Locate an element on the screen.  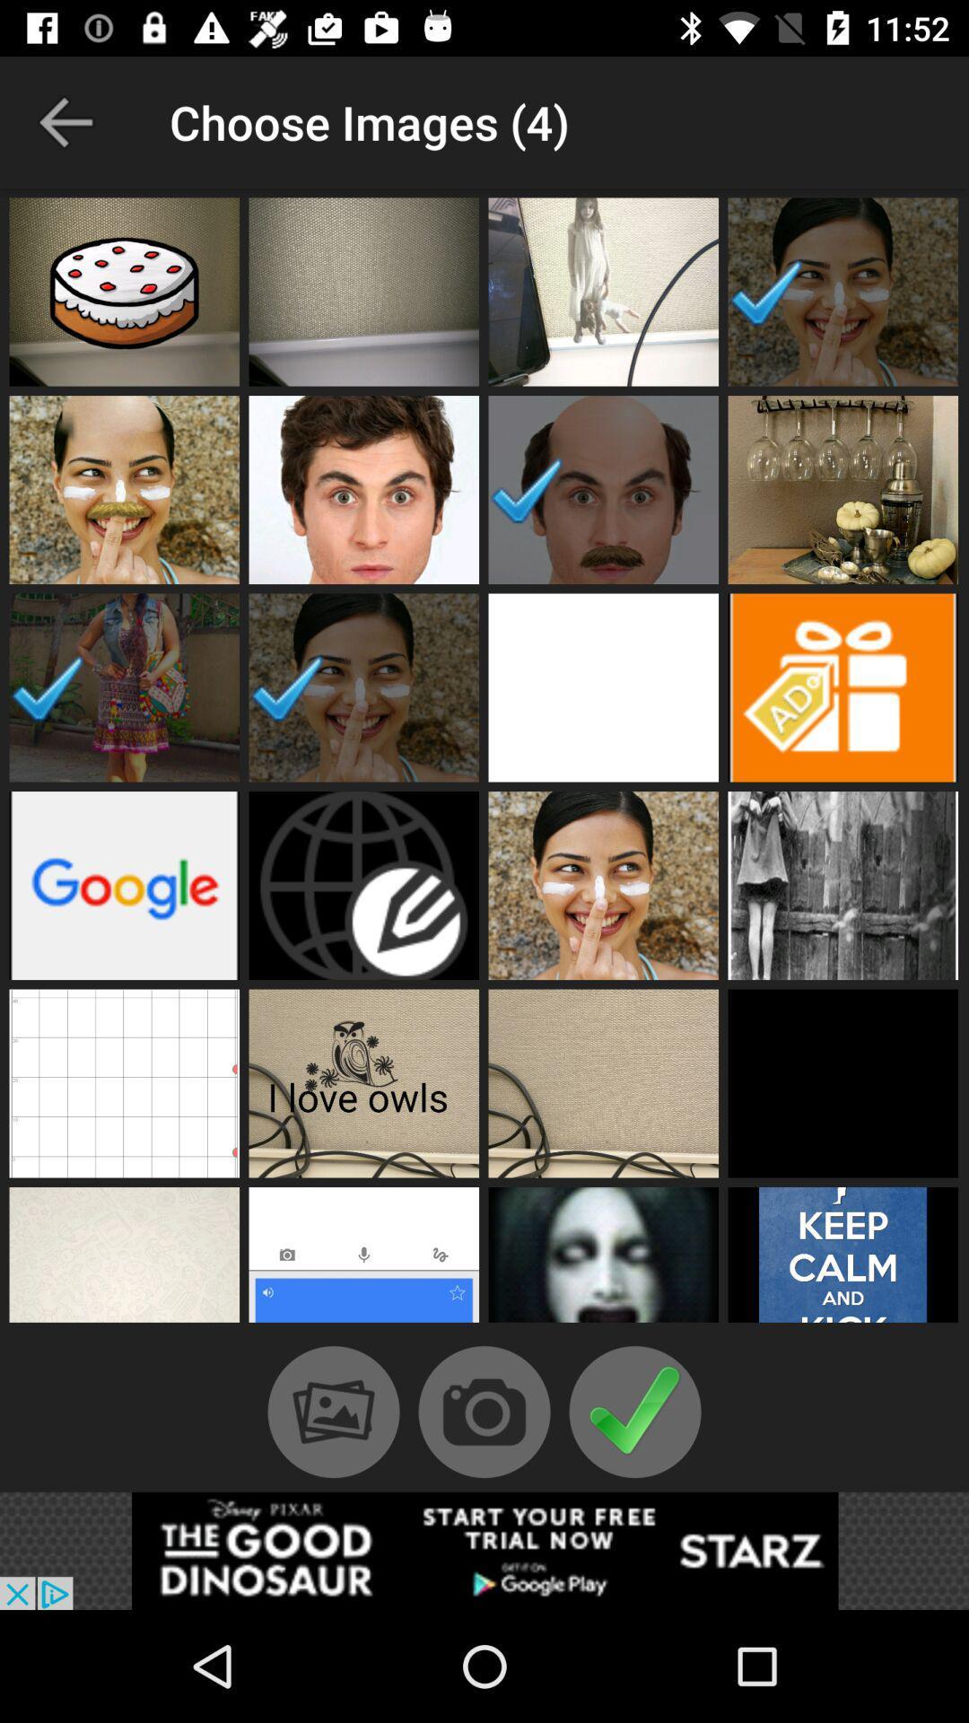
the photo icon is located at coordinates (484, 1411).